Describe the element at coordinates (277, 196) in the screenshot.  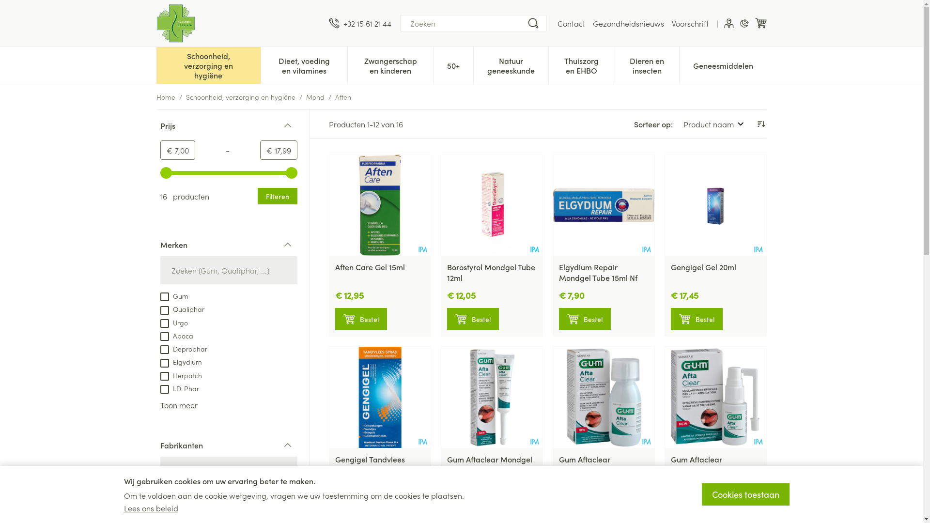
I see `'Filteren'` at that location.